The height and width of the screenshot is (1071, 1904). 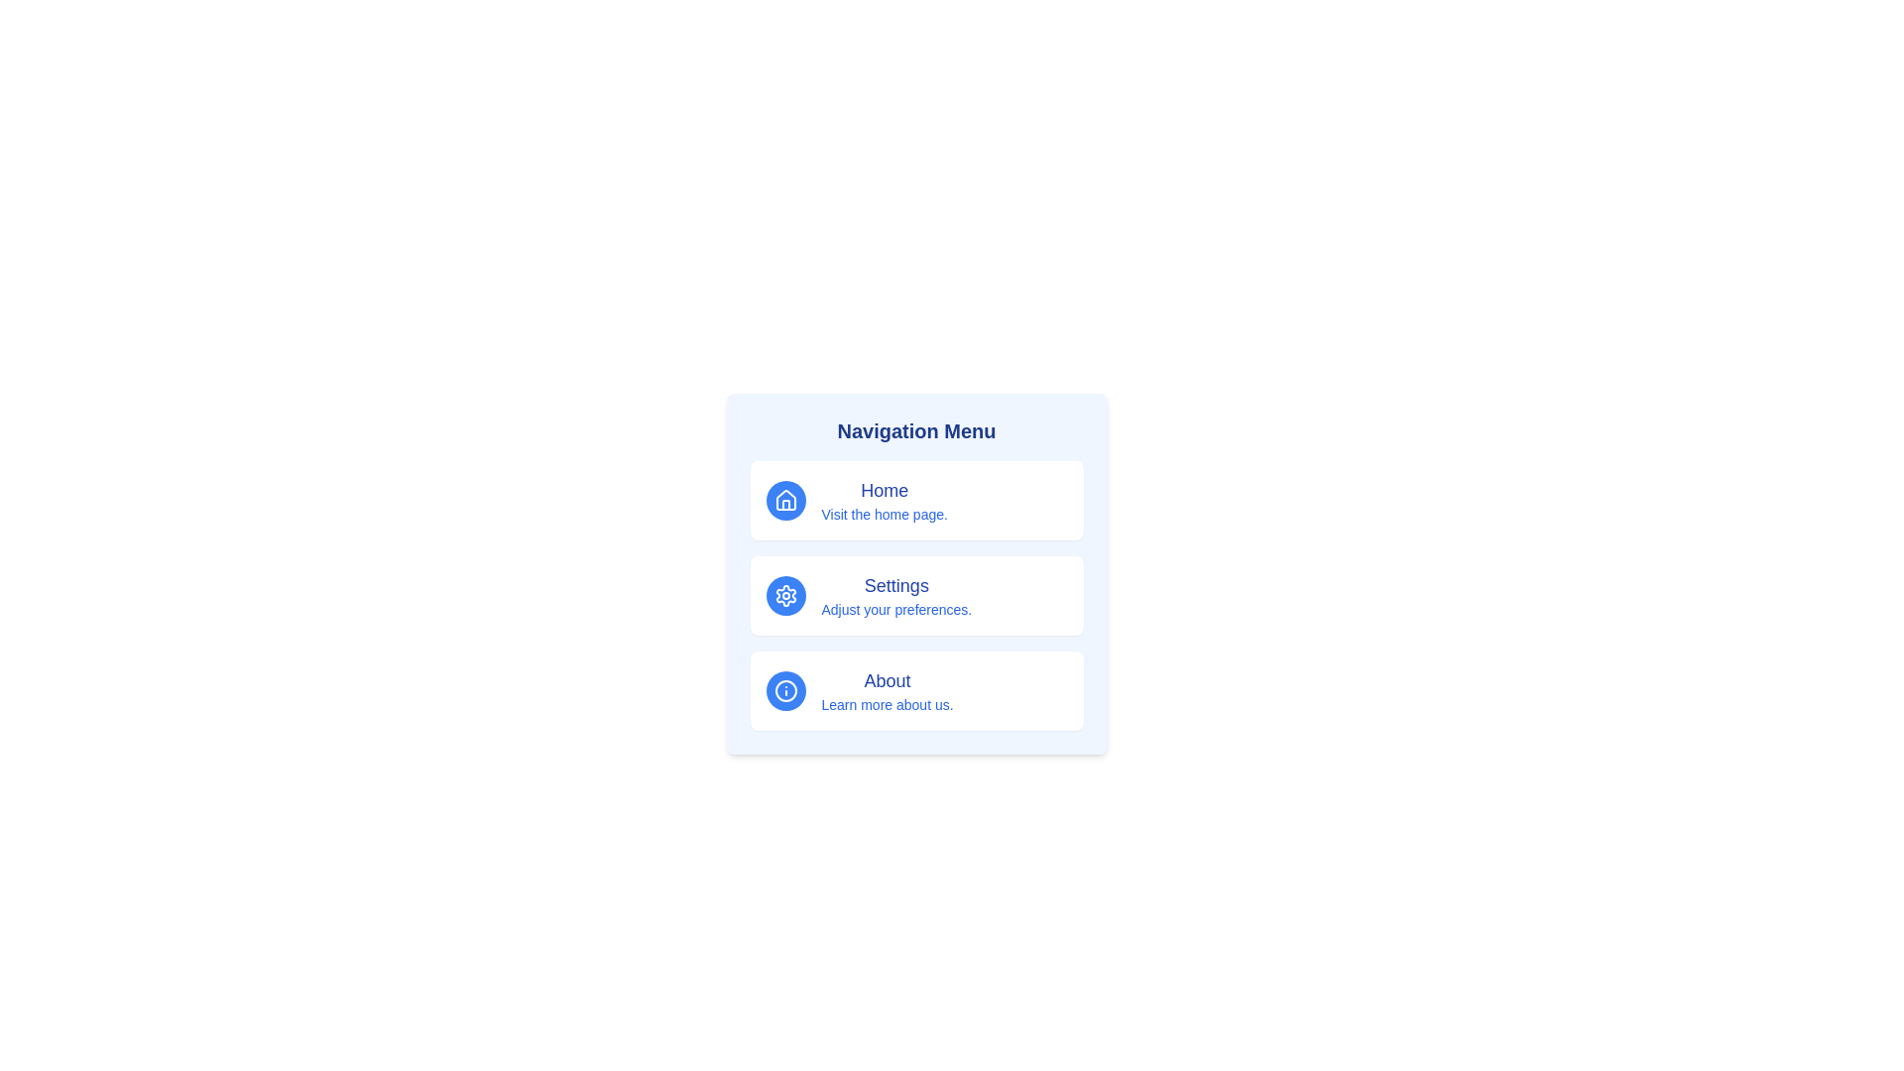 I want to click on the 'About' section label located at the bottom of the navigation menu, which provides information about this section, so click(x=887, y=690).